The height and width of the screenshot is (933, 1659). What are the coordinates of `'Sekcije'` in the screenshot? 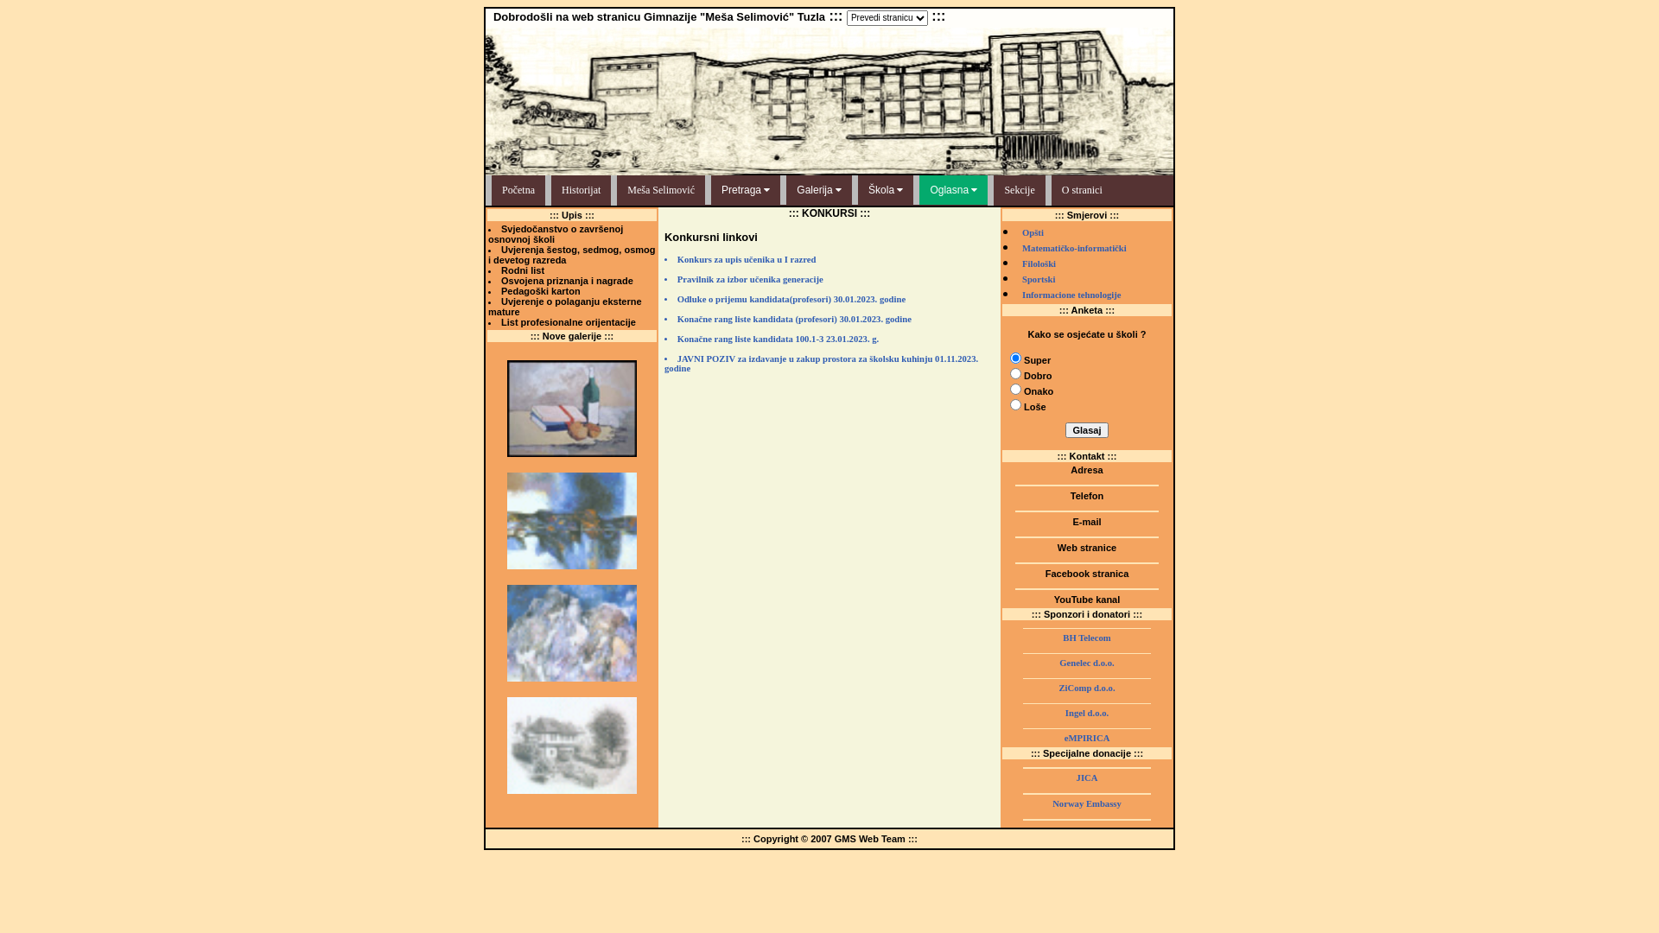 It's located at (1016, 190).